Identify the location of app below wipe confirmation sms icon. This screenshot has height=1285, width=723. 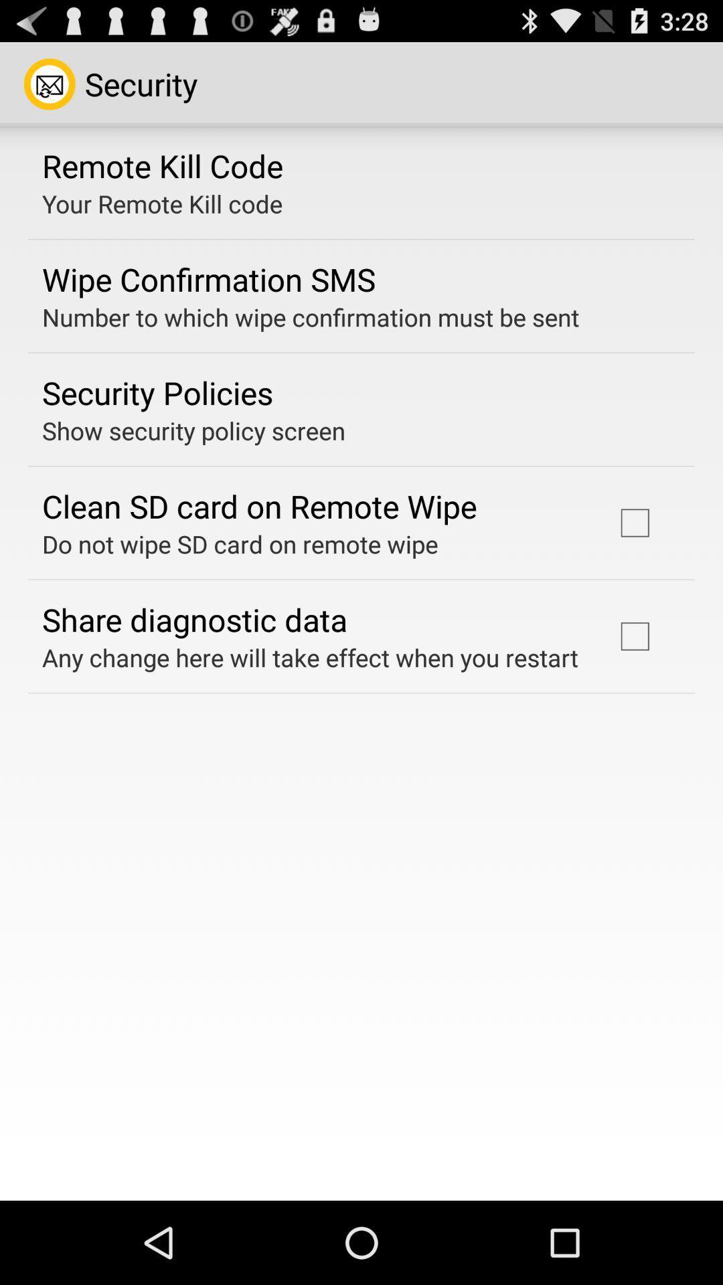
(311, 317).